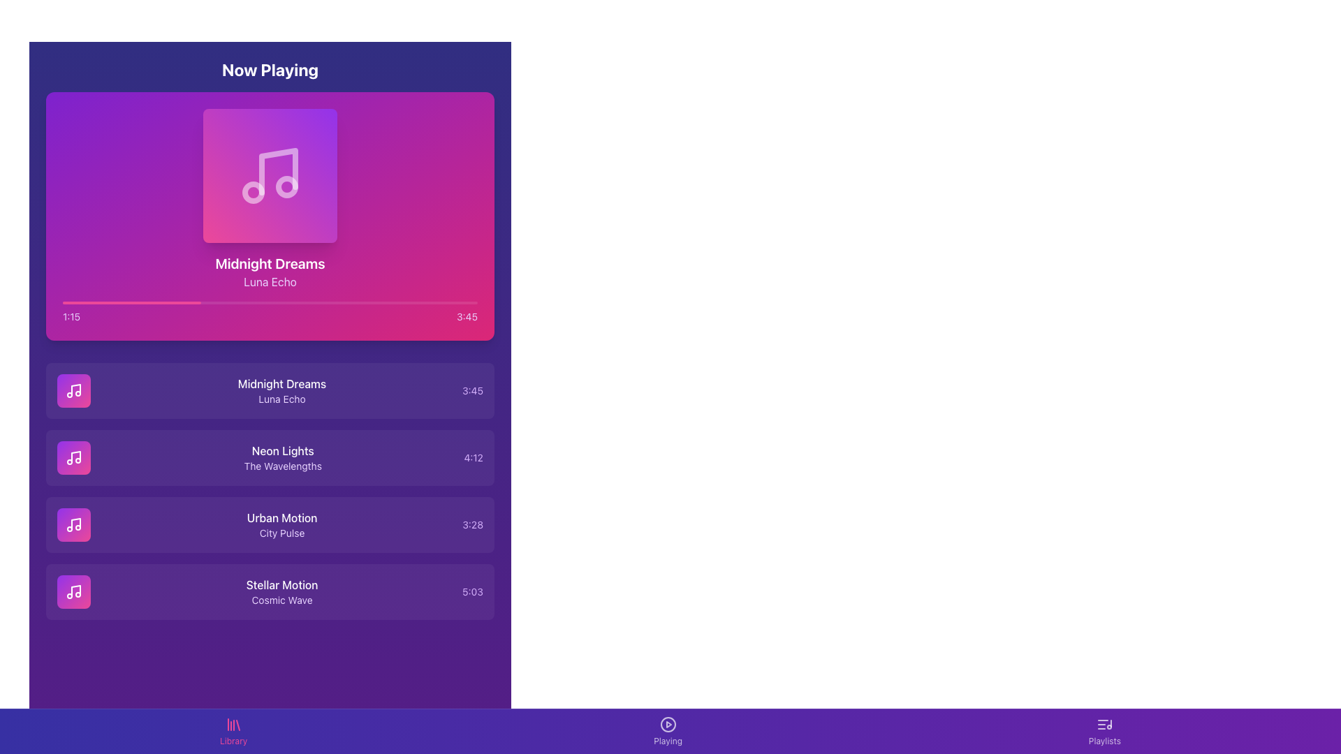 Image resolution: width=1341 pixels, height=754 pixels. What do you see at coordinates (281, 600) in the screenshot?
I see `text element displaying 'Cosmic Wave' styled in a small font with a light purple color, located beneath the song title 'Stellar Motion' in the details section of the list entry` at bounding box center [281, 600].